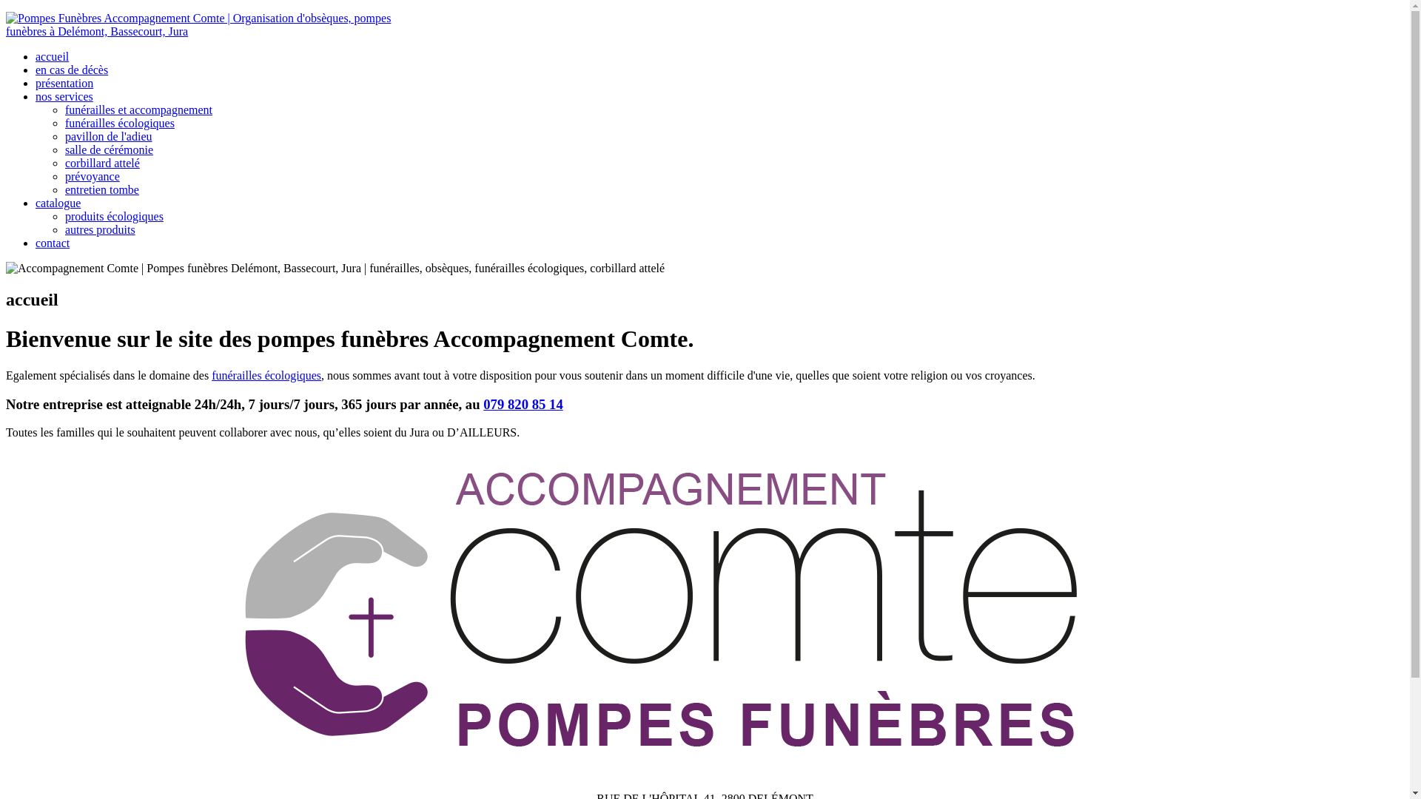  Describe the element at coordinates (99, 229) in the screenshot. I see `'autres produits'` at that location.